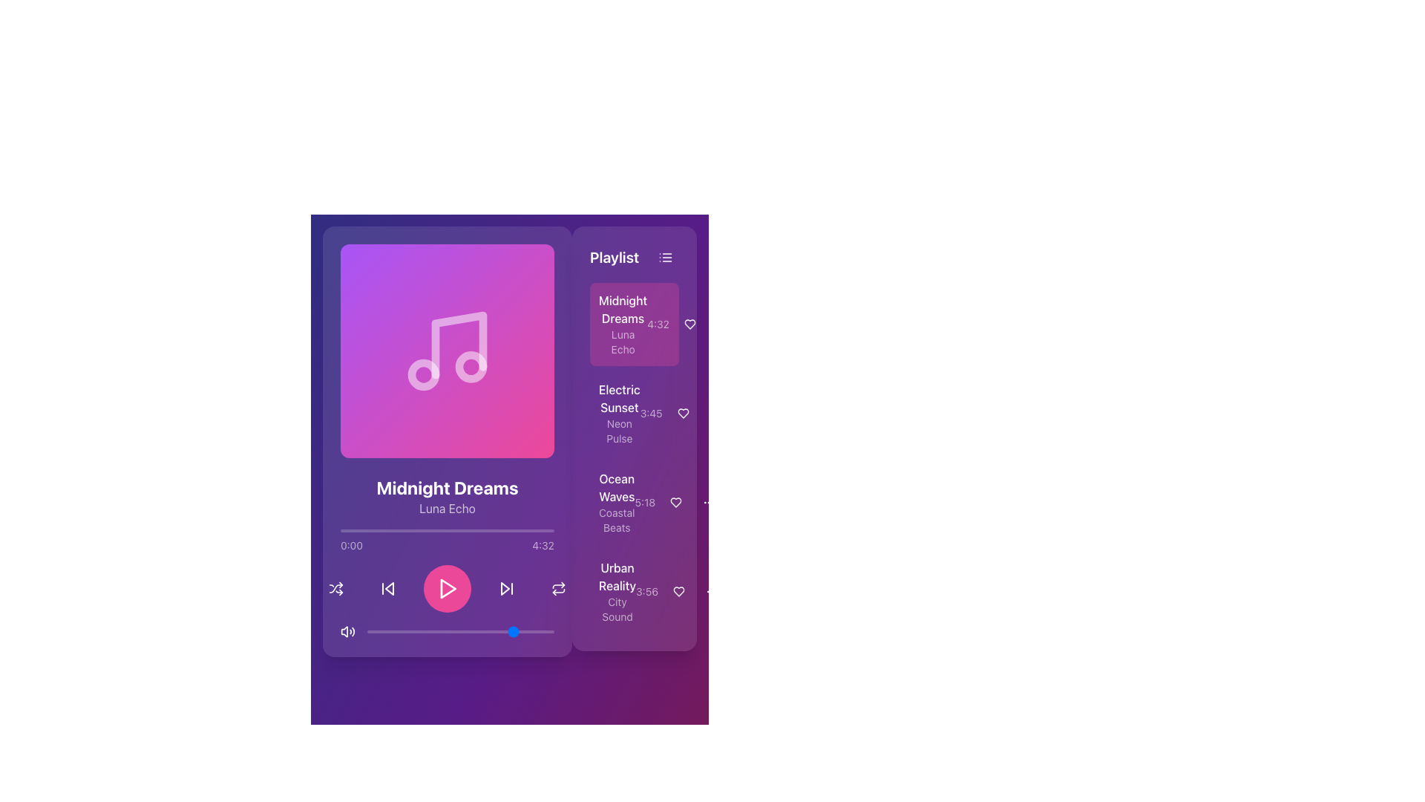  I want to click on the leftmost button in the bottom control panel, so click(335, 588).